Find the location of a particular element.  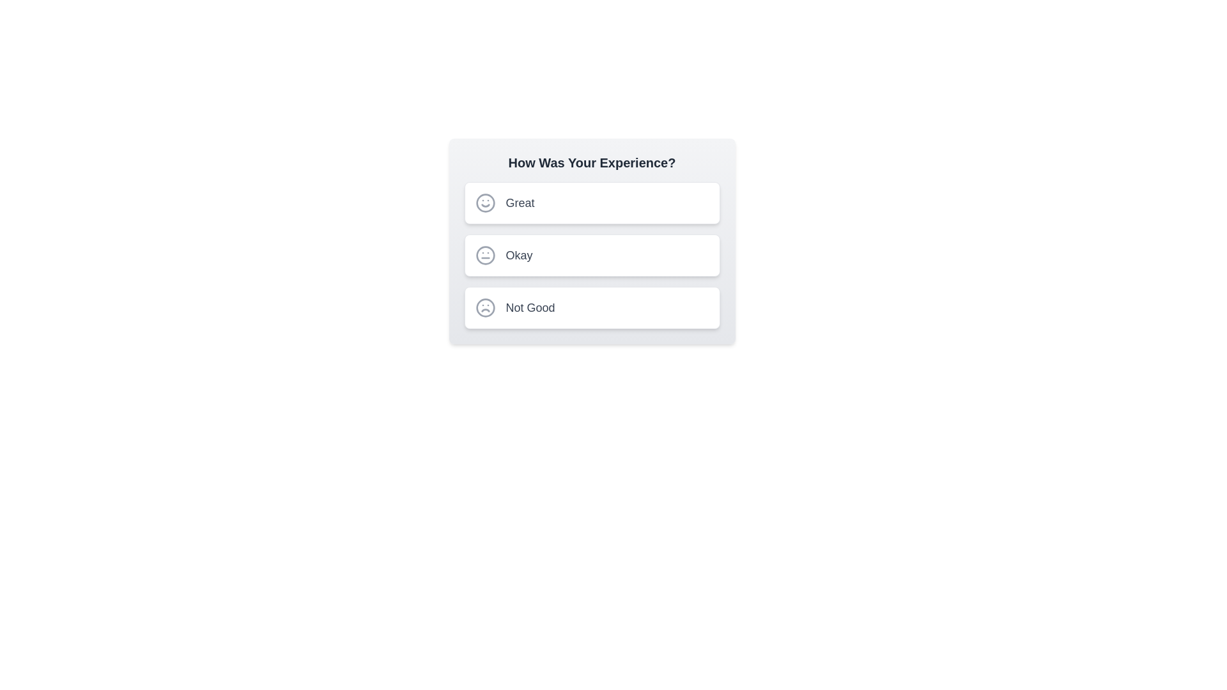

bold header text that says 'How Was Your Experience?' located at the top of the card-like panel, which is centrally placed within the interface is located at coordinates (591, 162).